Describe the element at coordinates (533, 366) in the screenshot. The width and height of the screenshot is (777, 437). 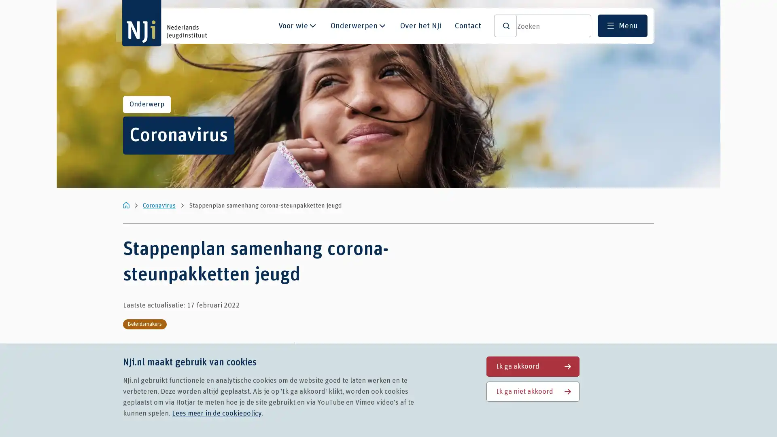
I see `Ik ga akkoord` at that location.